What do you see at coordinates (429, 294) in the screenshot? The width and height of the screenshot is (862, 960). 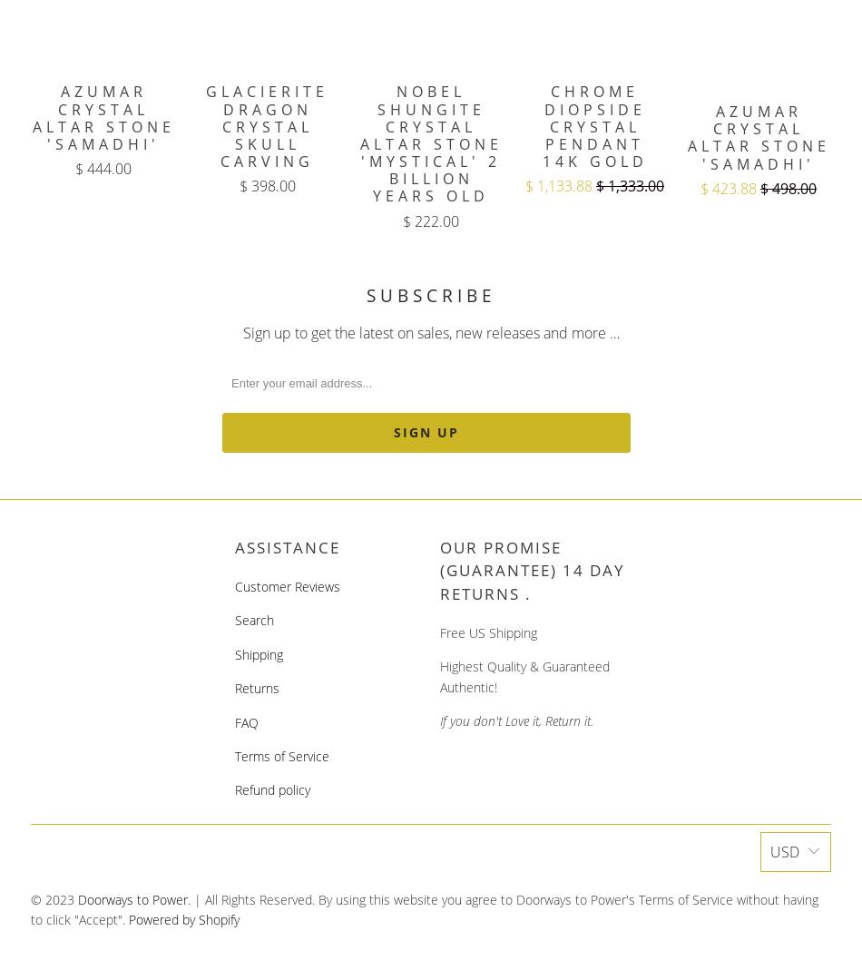 I see `'Subscribe'` at bounding box center [429, 294].